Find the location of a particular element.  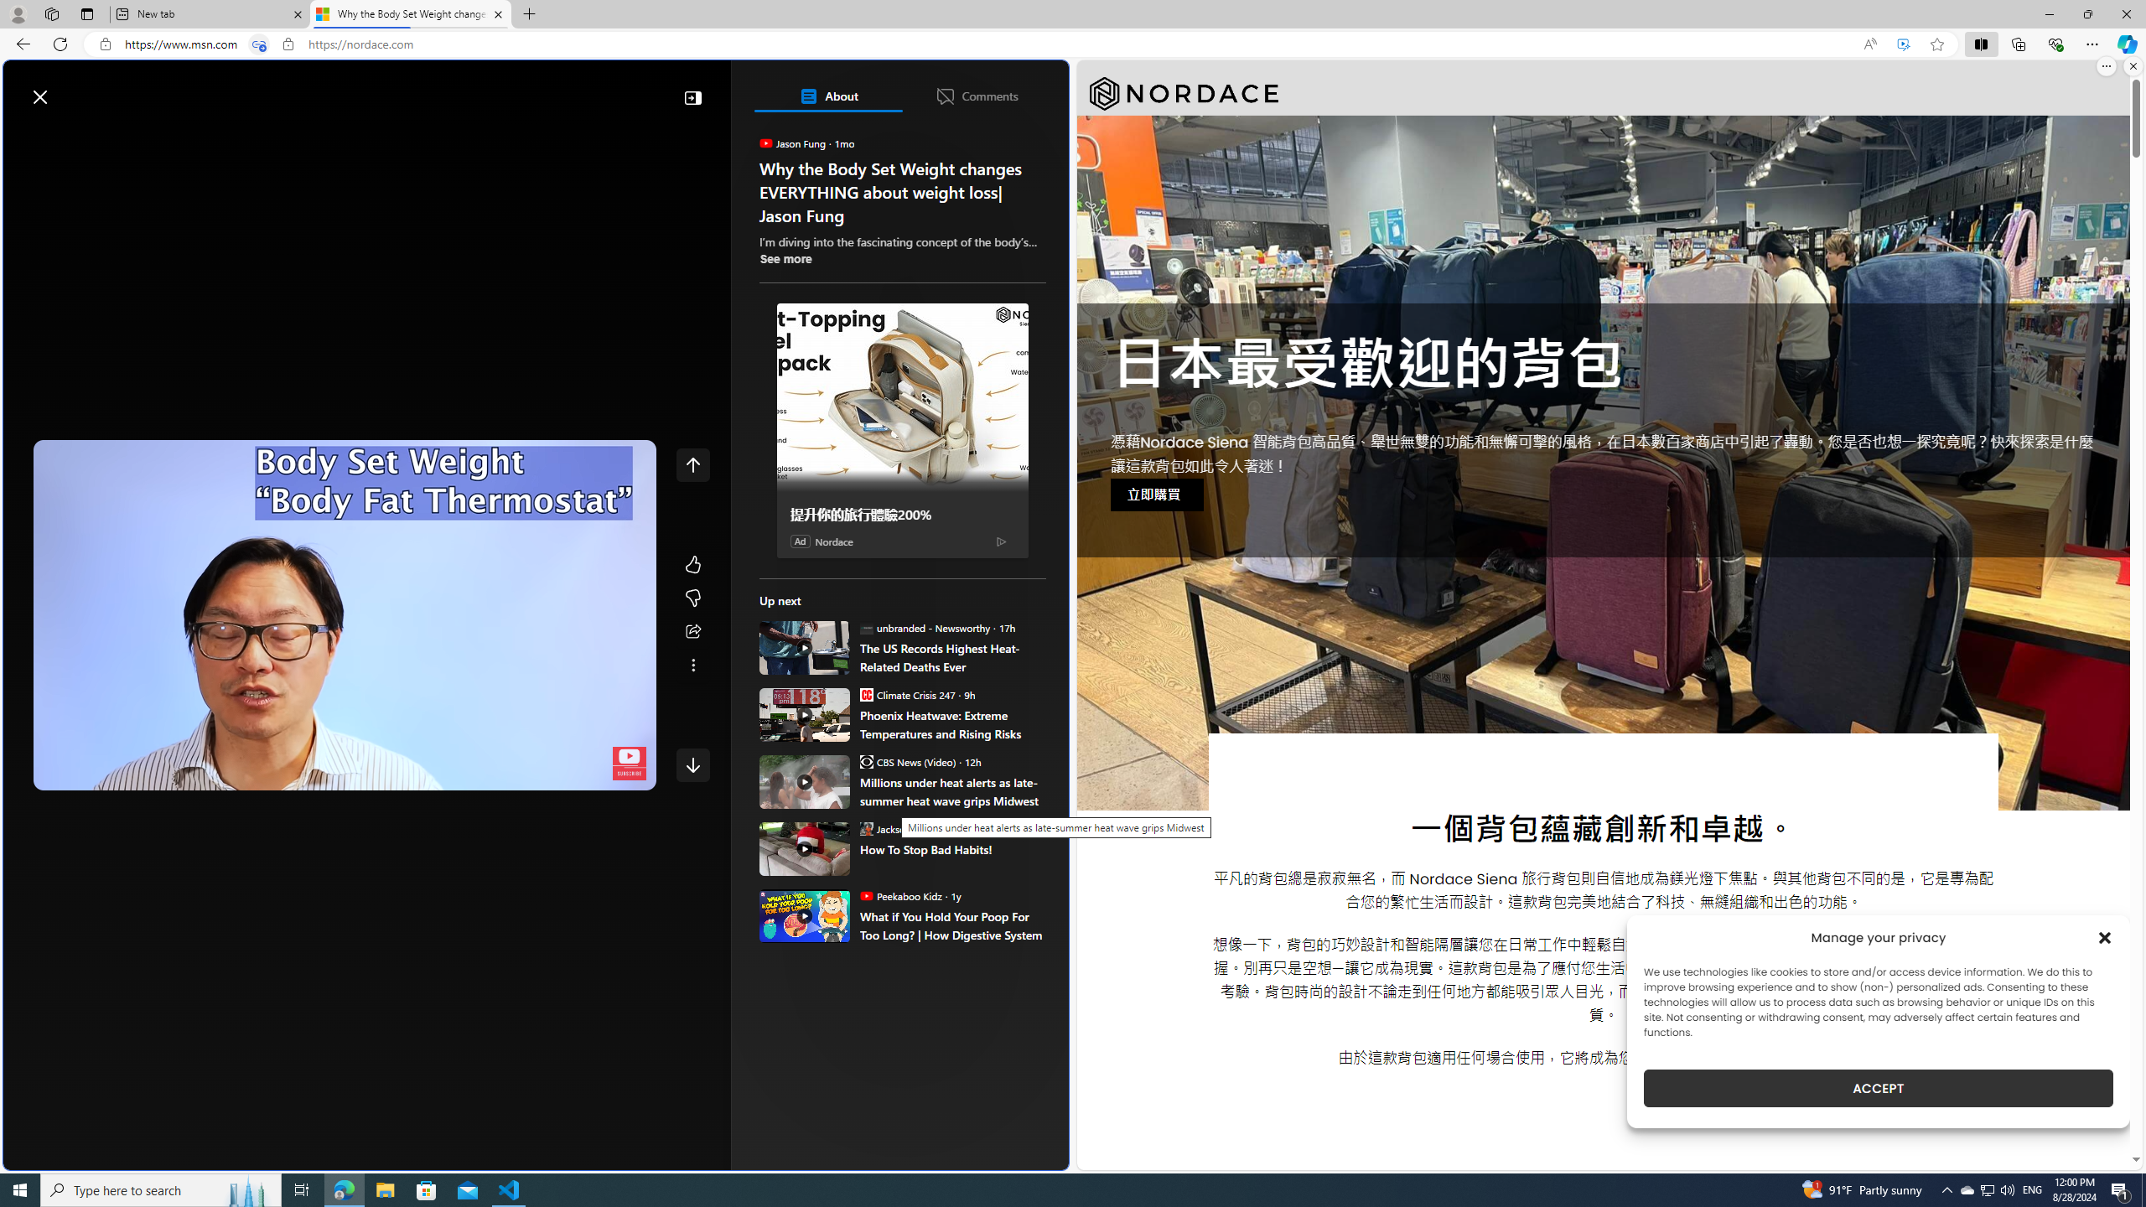

'unbranded - Newsworthy unbranded - Newsworthy' is located at coordinates (923, 626).